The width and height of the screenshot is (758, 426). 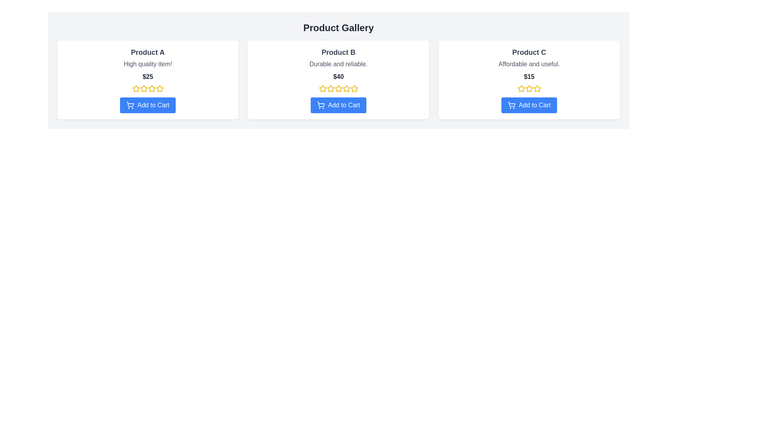 I want to click on the third yellow star icon in the star rating component of 'Product A' to rate the associated product, so click(x=144, y=88).